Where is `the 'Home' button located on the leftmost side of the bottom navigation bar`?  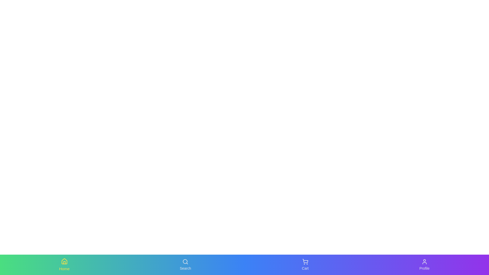 the 'Home' button located on the leftmost side of the bottom navigation bar is located at coordinates (64, 265).